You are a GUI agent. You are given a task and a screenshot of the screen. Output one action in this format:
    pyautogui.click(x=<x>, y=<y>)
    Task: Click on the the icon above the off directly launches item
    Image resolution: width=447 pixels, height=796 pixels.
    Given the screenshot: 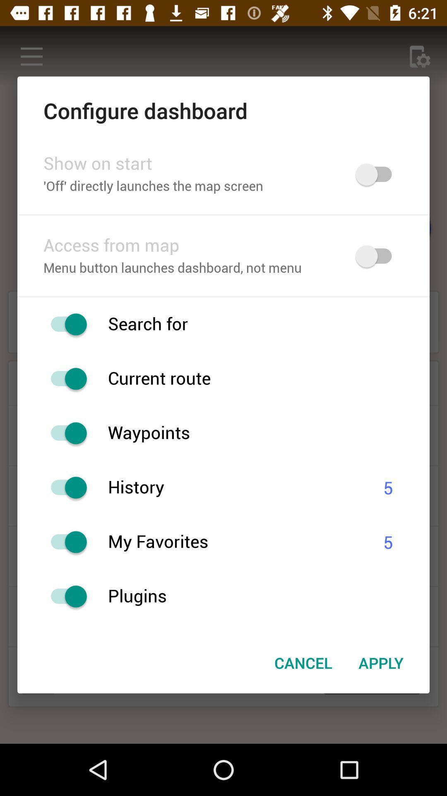 What is the action you would take?
    pyautogui.click(x=189, y=164)
    